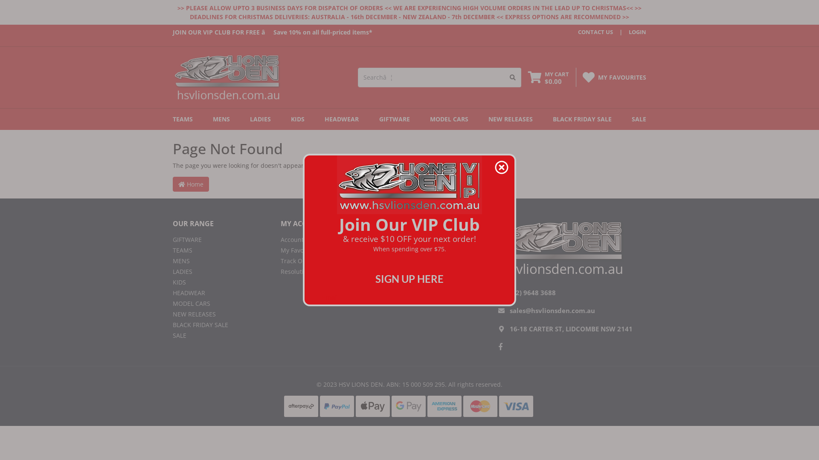 This screenshot has width=819, height=460. What do you see at coordinates (227, 77) in the screenshot?
I see `'HSV LIONS DEN'` at bounding box center [227, 77].